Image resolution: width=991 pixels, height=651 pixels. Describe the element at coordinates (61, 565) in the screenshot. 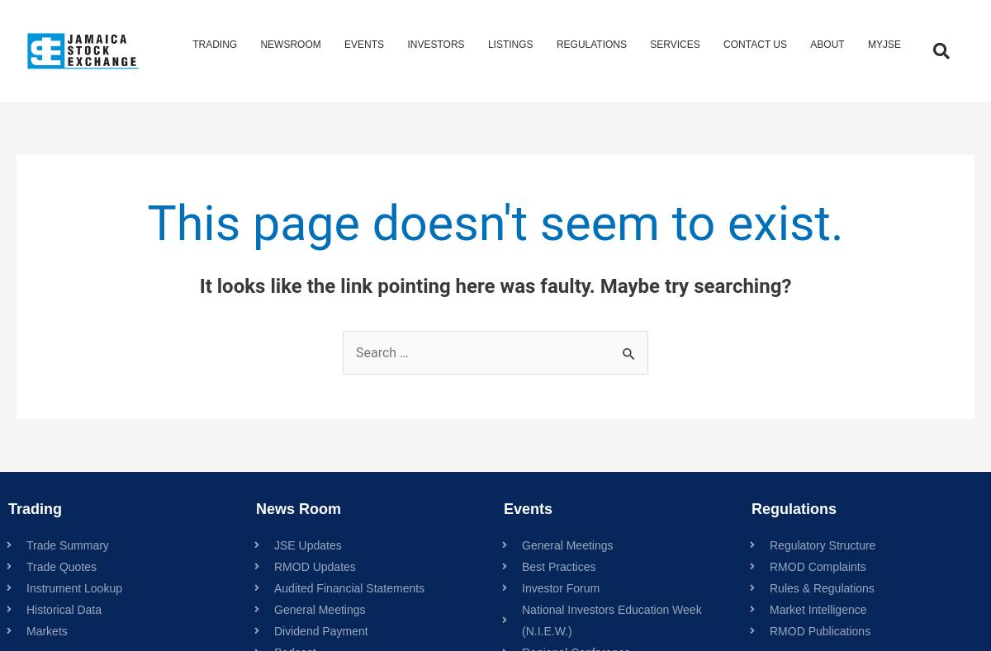

I see `'Trade Quotes'` at that location.